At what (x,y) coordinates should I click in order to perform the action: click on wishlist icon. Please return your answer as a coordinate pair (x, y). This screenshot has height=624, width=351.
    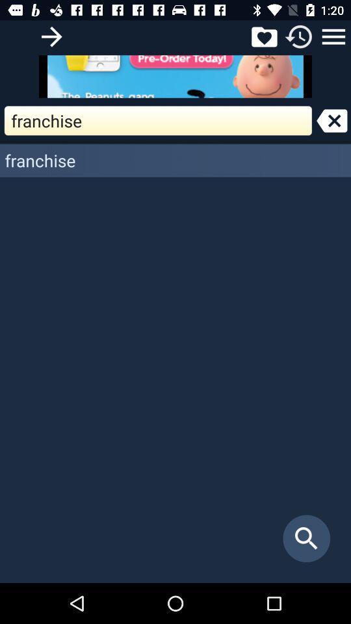
    Looking at the image, I should click on (263, 36).